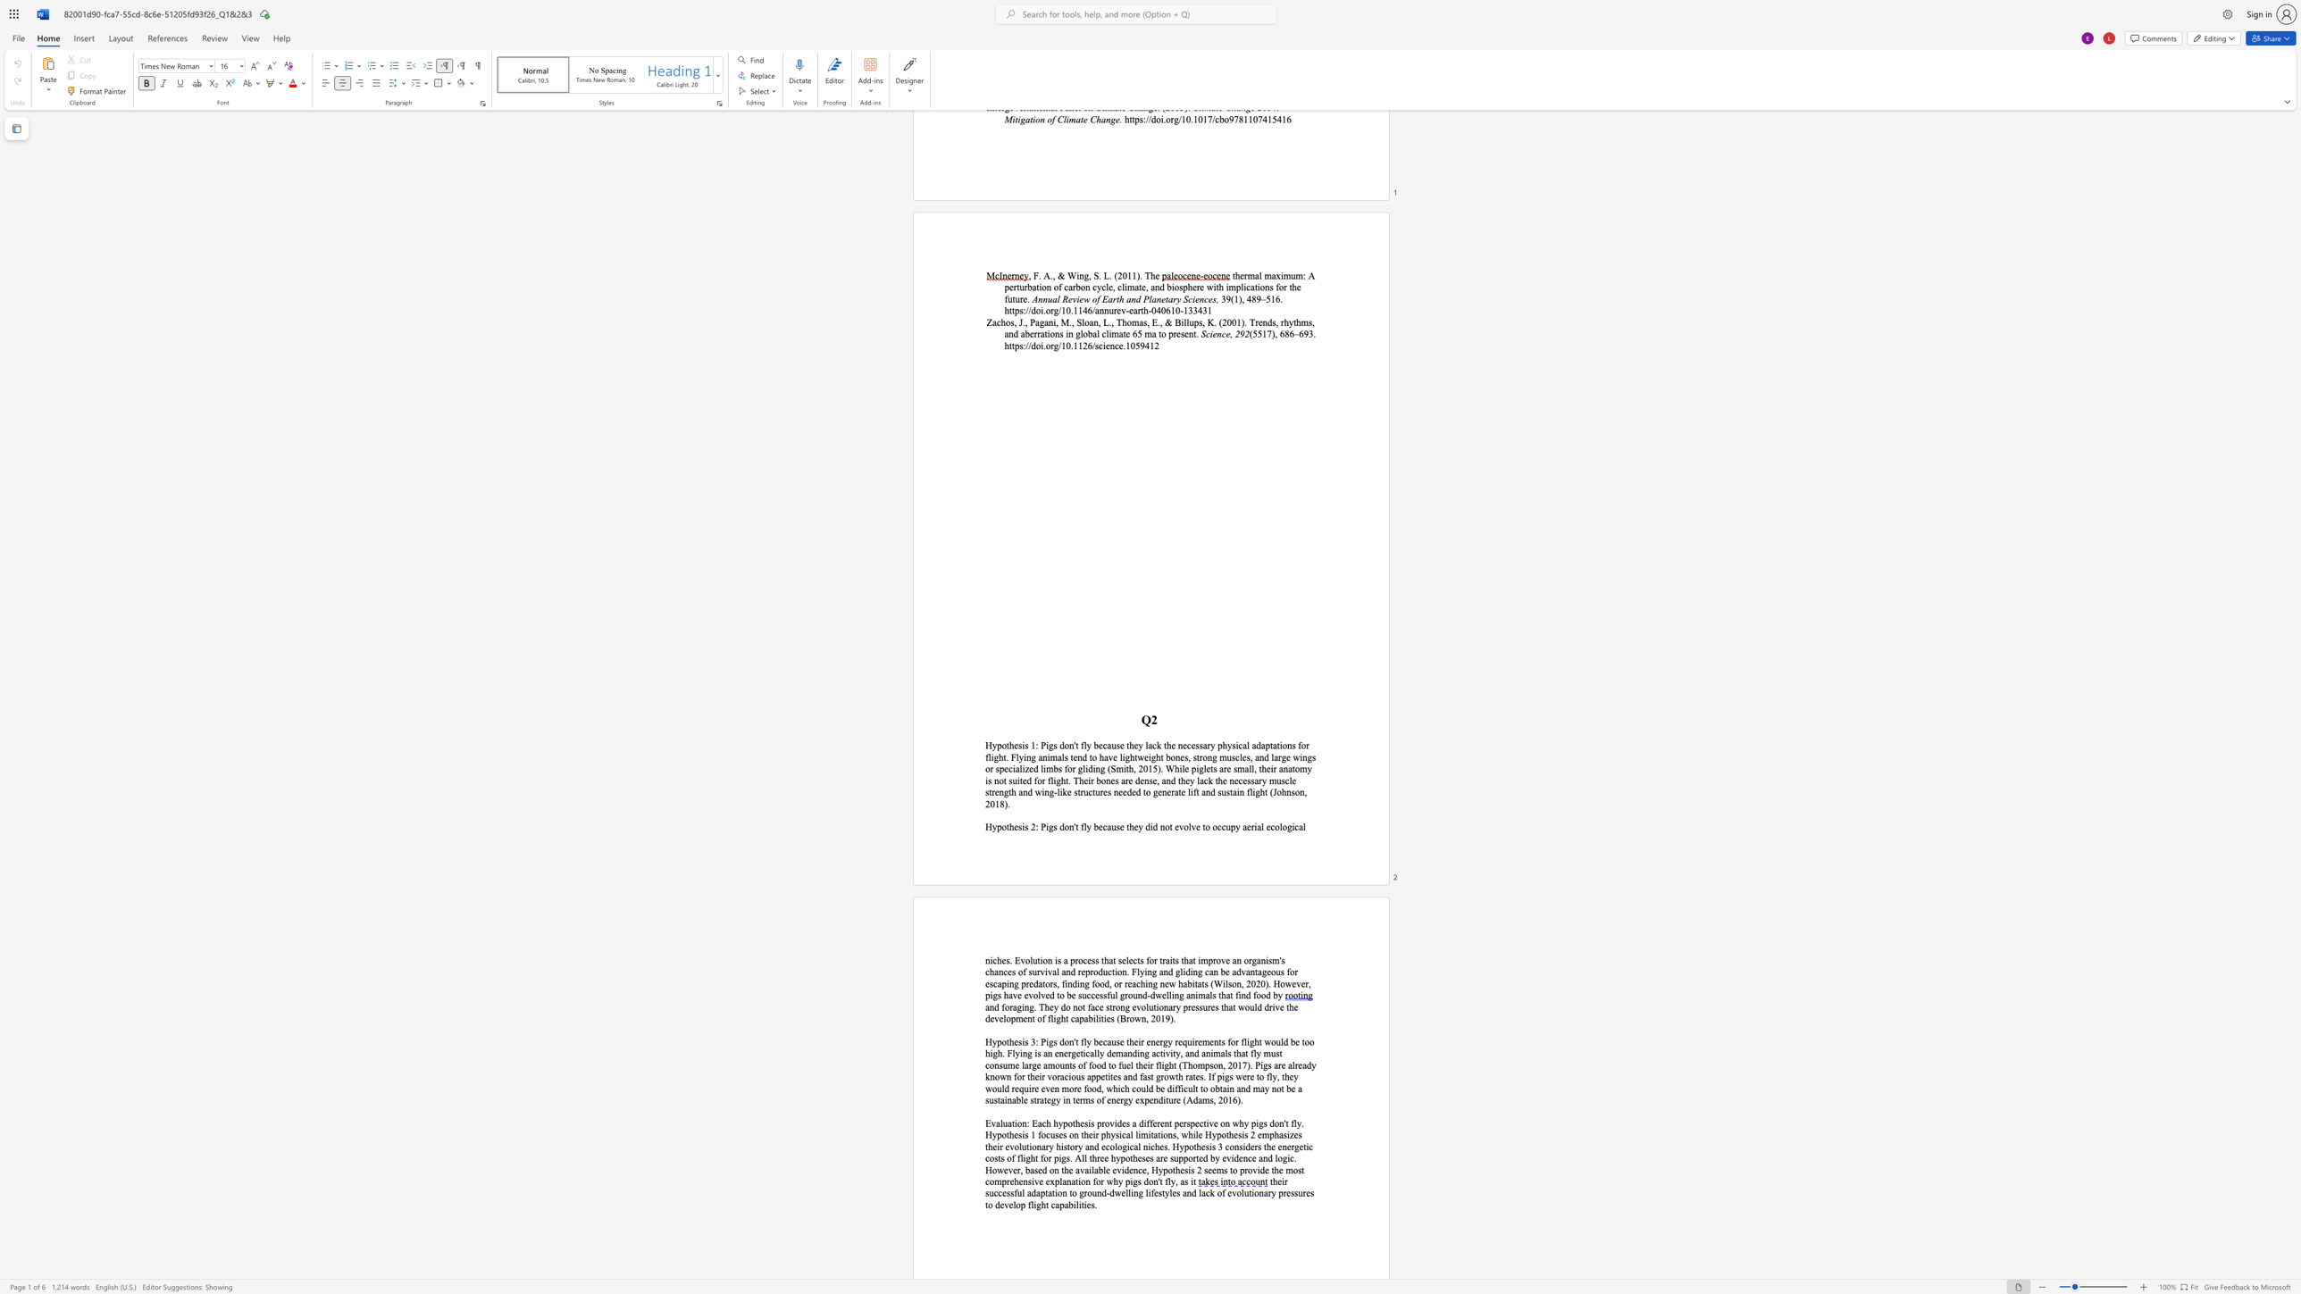 The height and width of the screenshot is (1294, 2301). I want to click on the subset text "to ground-dwelling lifestyles and lack of evolutionary pressures to develop" within the text "their successful adaptation to ground-dwelling lifestyles and lack of evolutionary pressures to develop flight capabilities.", so click(1068, 1191).